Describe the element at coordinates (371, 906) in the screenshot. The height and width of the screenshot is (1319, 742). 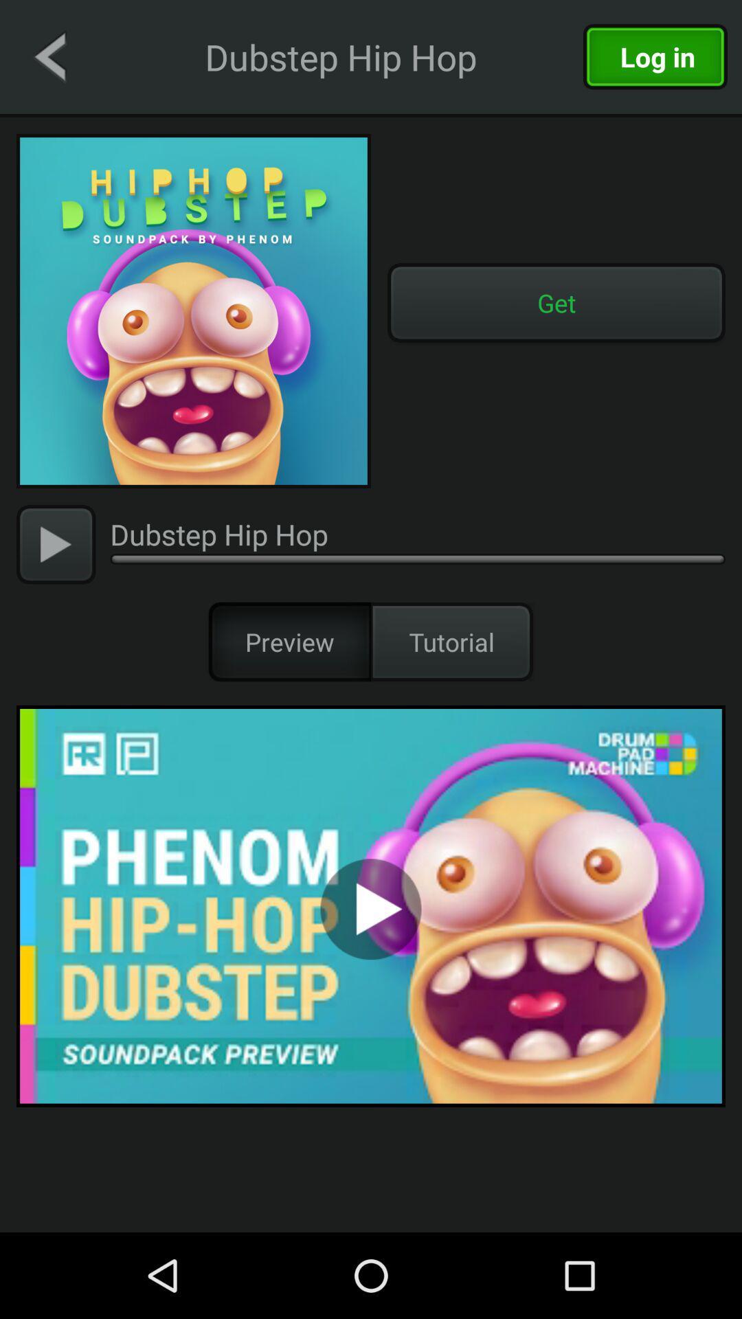
I see `to preview` at that location.